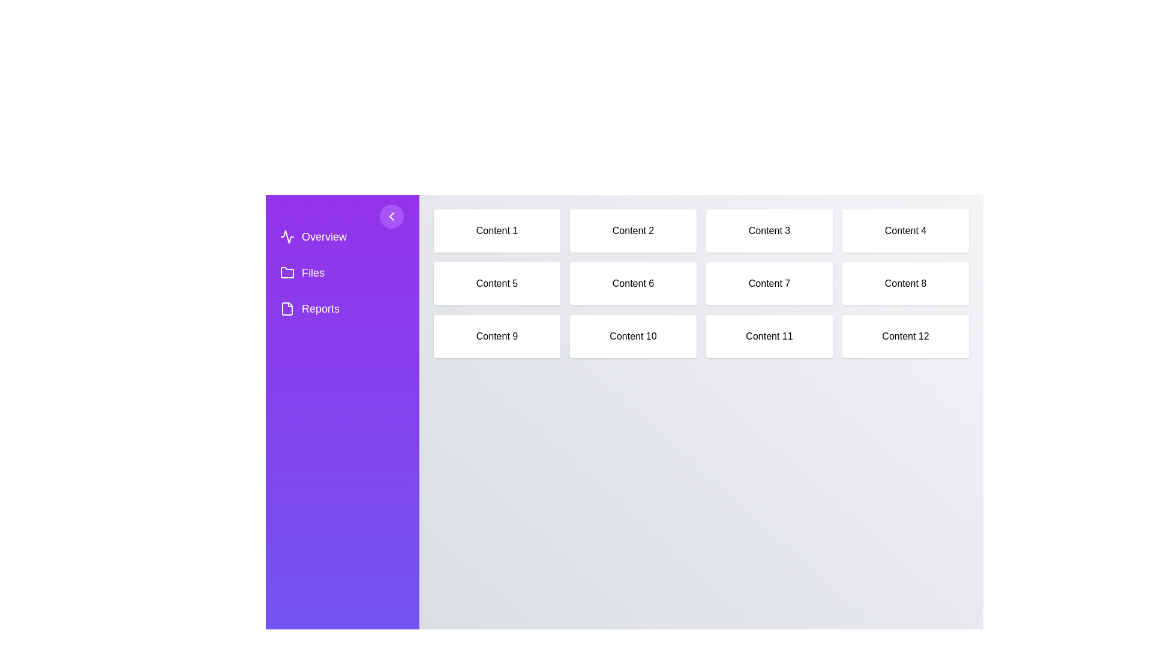  I want to click on toggle button to toggle the sidebar visibility, so click(391, 217).